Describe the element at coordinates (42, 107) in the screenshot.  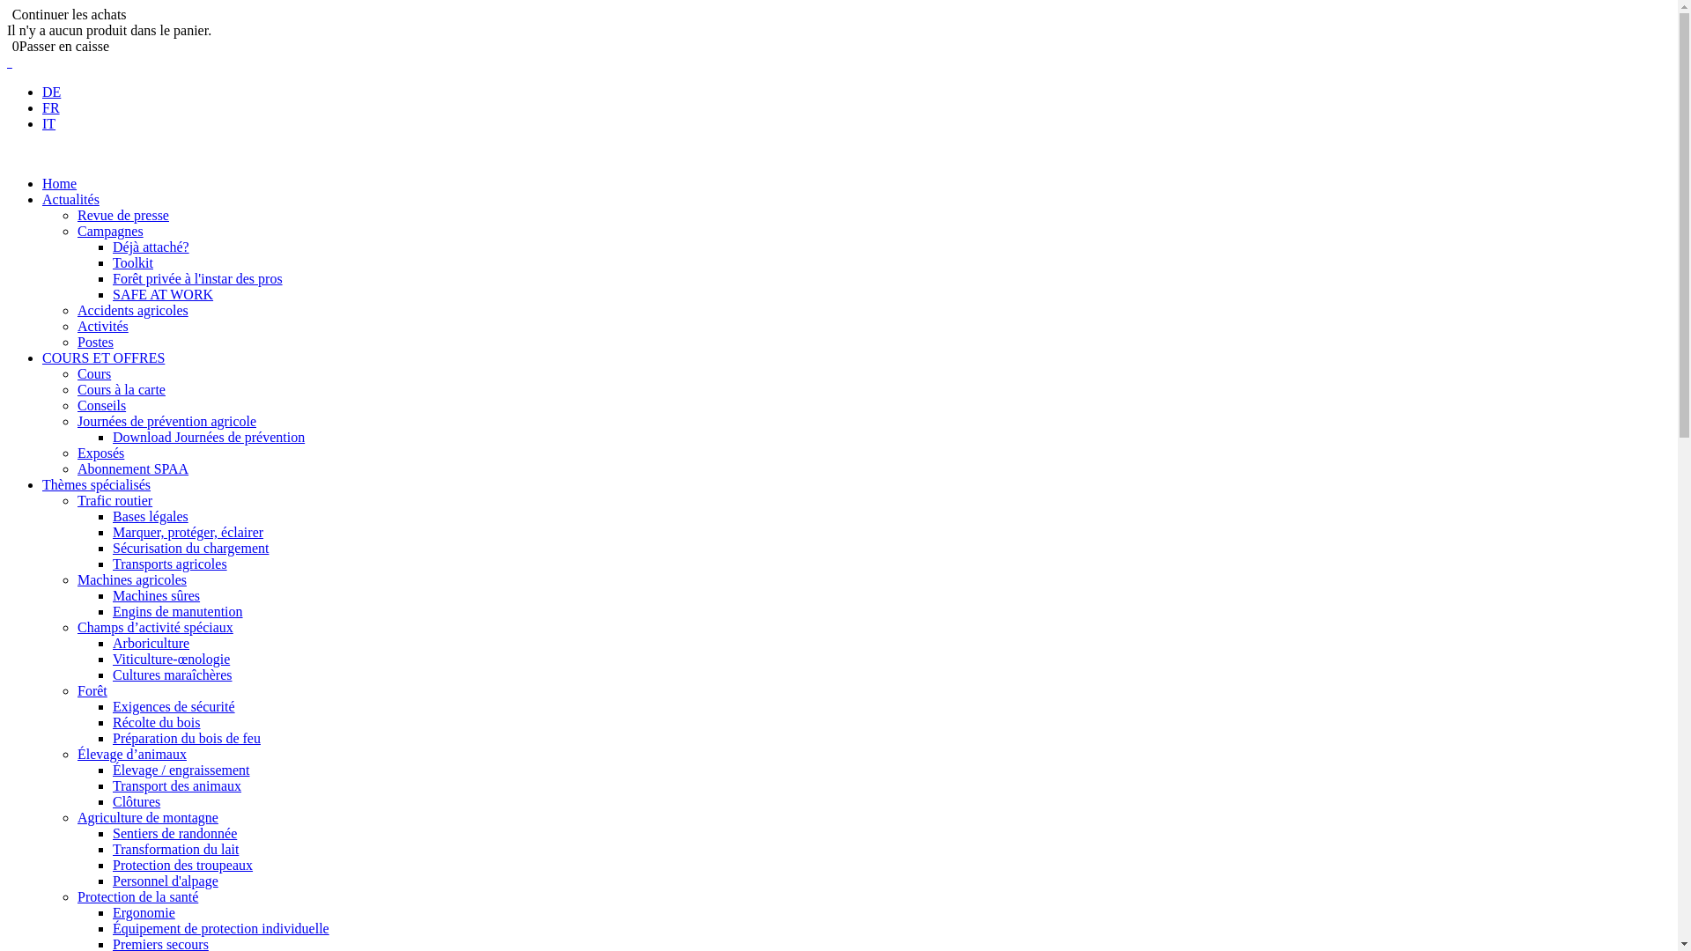
I see `'FR'` at that location.